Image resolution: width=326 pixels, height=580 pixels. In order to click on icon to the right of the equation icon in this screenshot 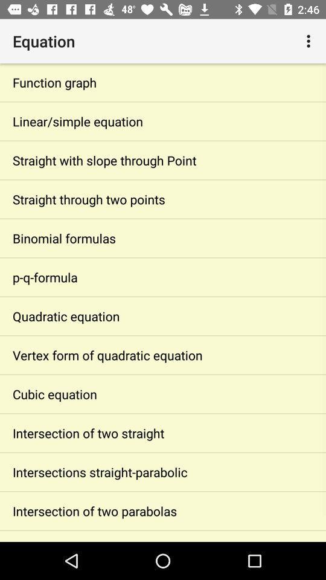, I will do `click(310, 41)`.